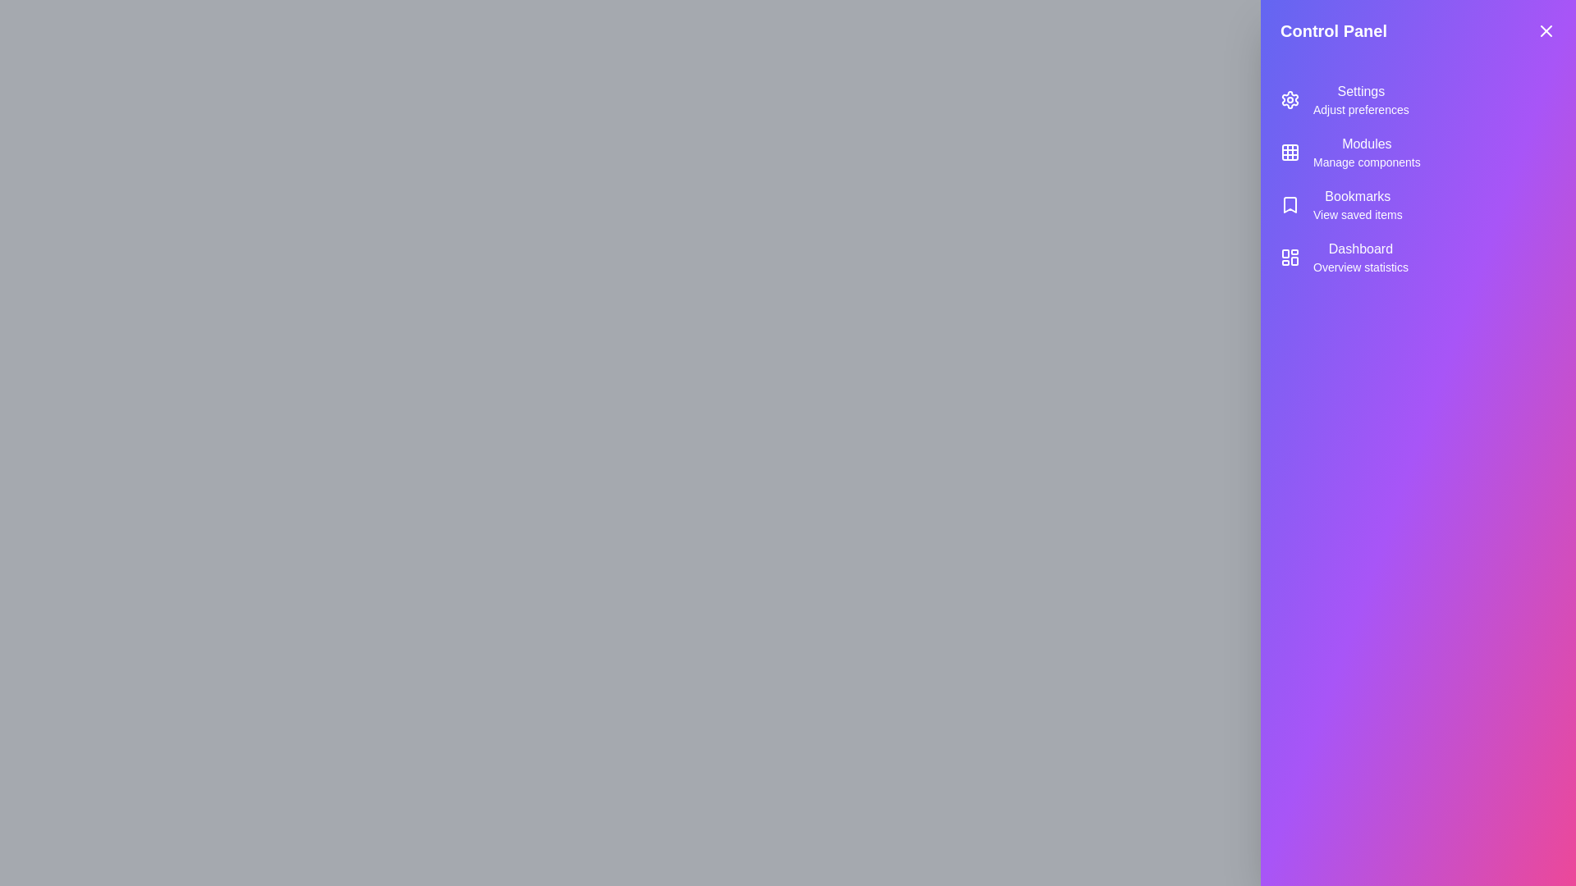  What do you see at coordinates (1289, 100) in the screenshot?
I see `the settings icon located` at bounding box center [1289, 100].